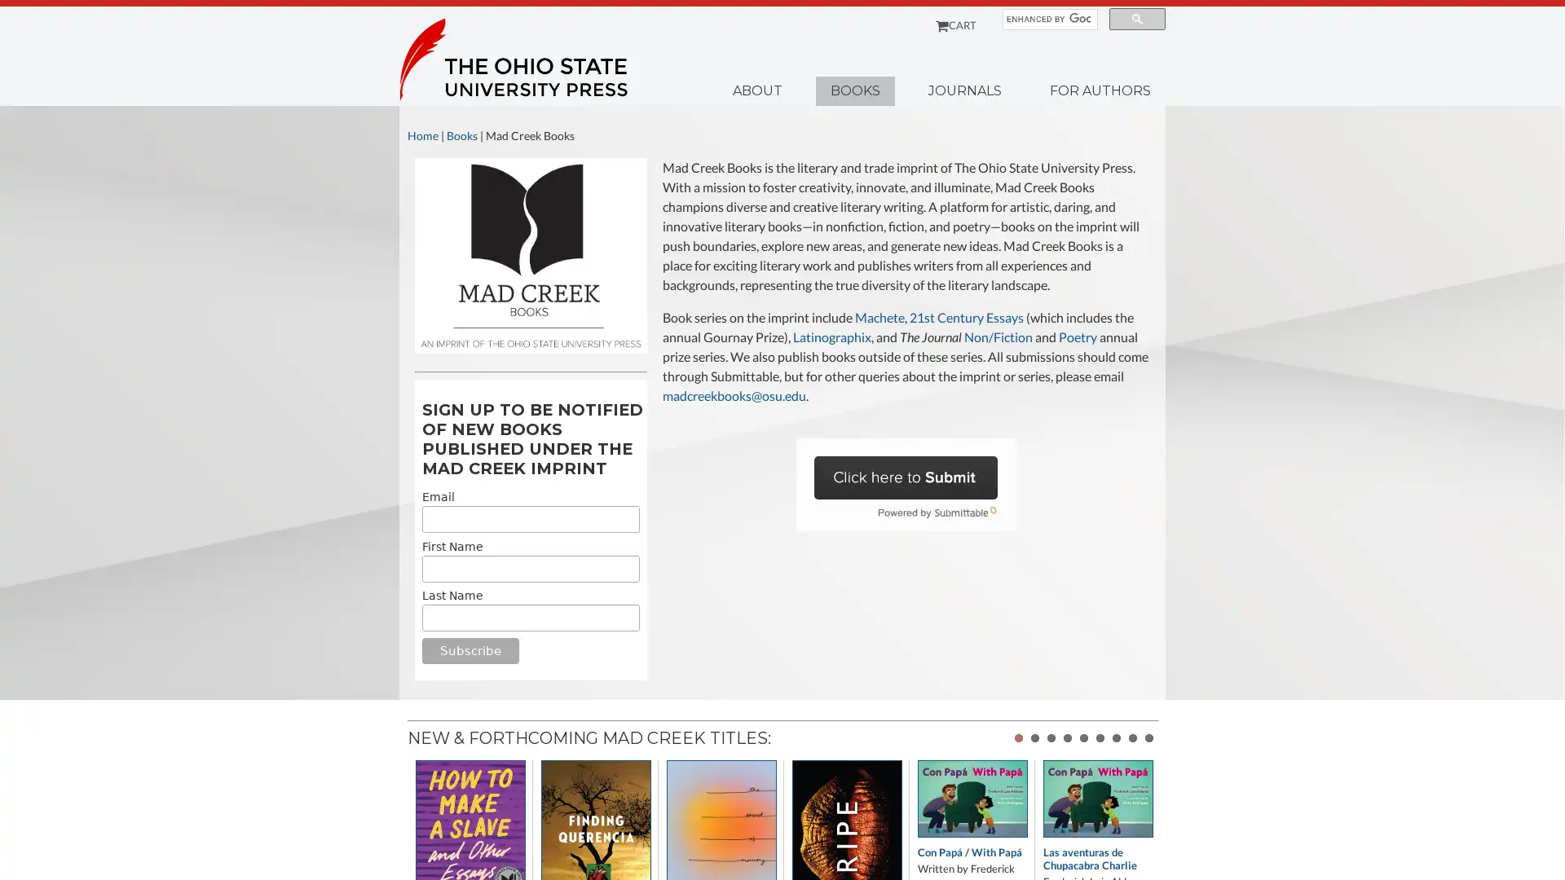  Describe the element at coordinates (1115, 738) in the screenshot. I see `7` at that location.